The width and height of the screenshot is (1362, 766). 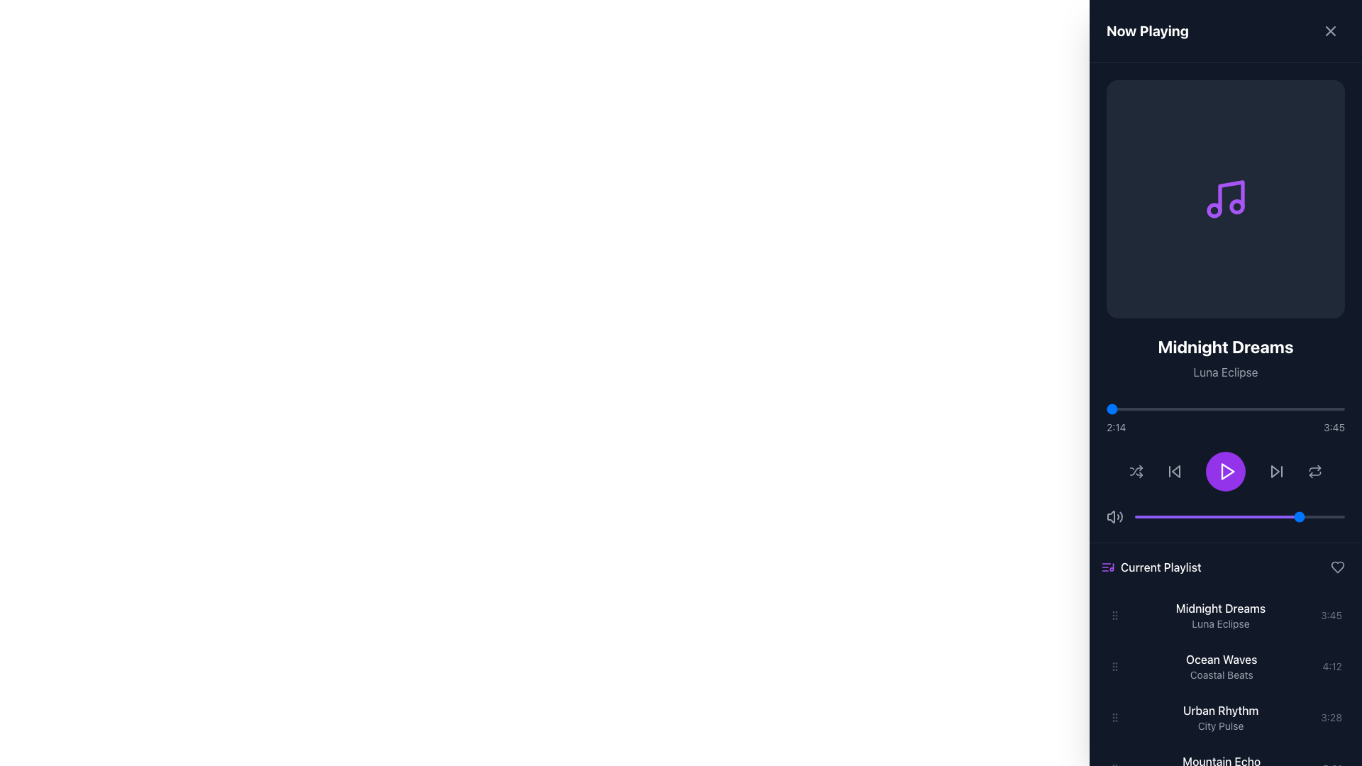 What do you see at coordinates (1220, 711) in the screenshot?
I see `the static text label displaying 'Urban Rhythm' in the 'Current Playlist' section, which is visually distinct with white text on a dark background` at bounding box center [1220, 711].